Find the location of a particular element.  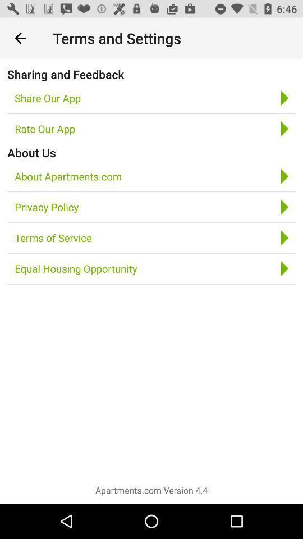

icon above sharing and feedback item is located at coordinates (20, 38).